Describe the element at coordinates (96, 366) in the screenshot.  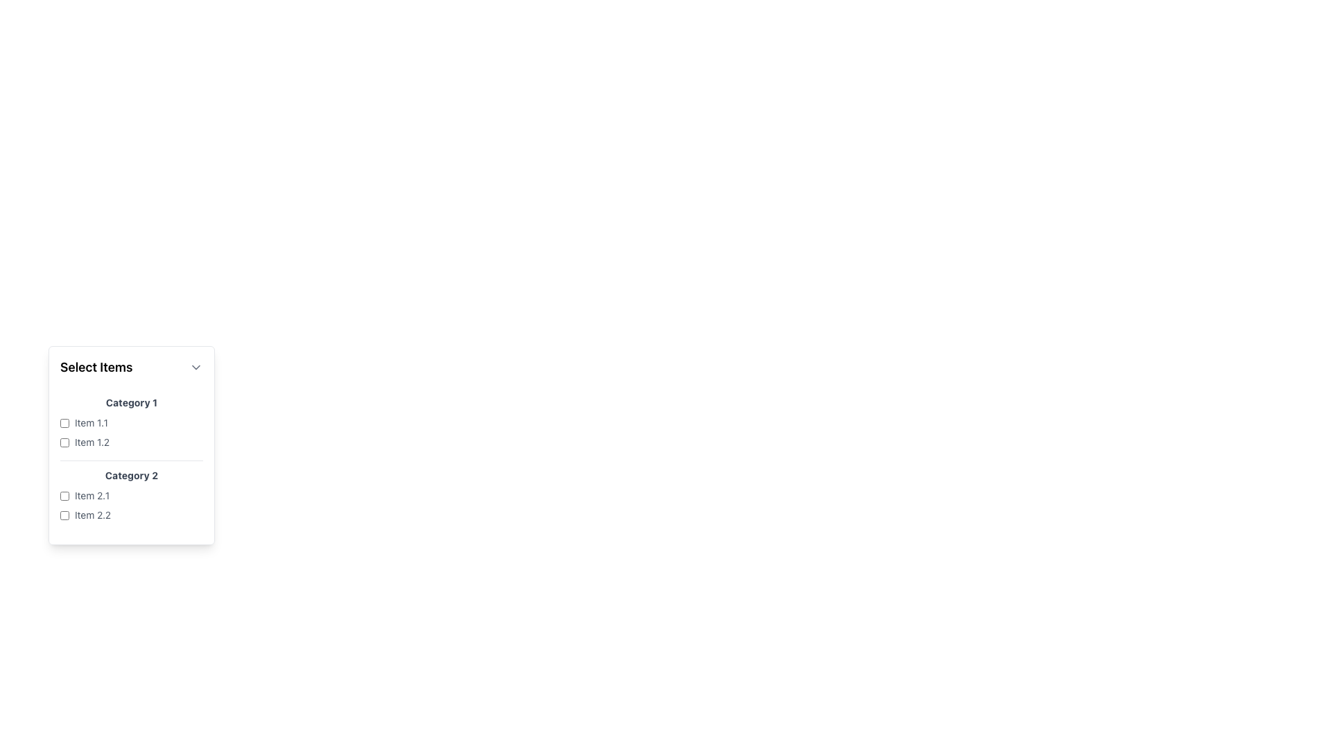
I see `Text Label that serves as the title for the dropdown, positioned above the categories 'Category 1' and 'Category 2', and aligned to the left of a chevron-down icon` at that location.